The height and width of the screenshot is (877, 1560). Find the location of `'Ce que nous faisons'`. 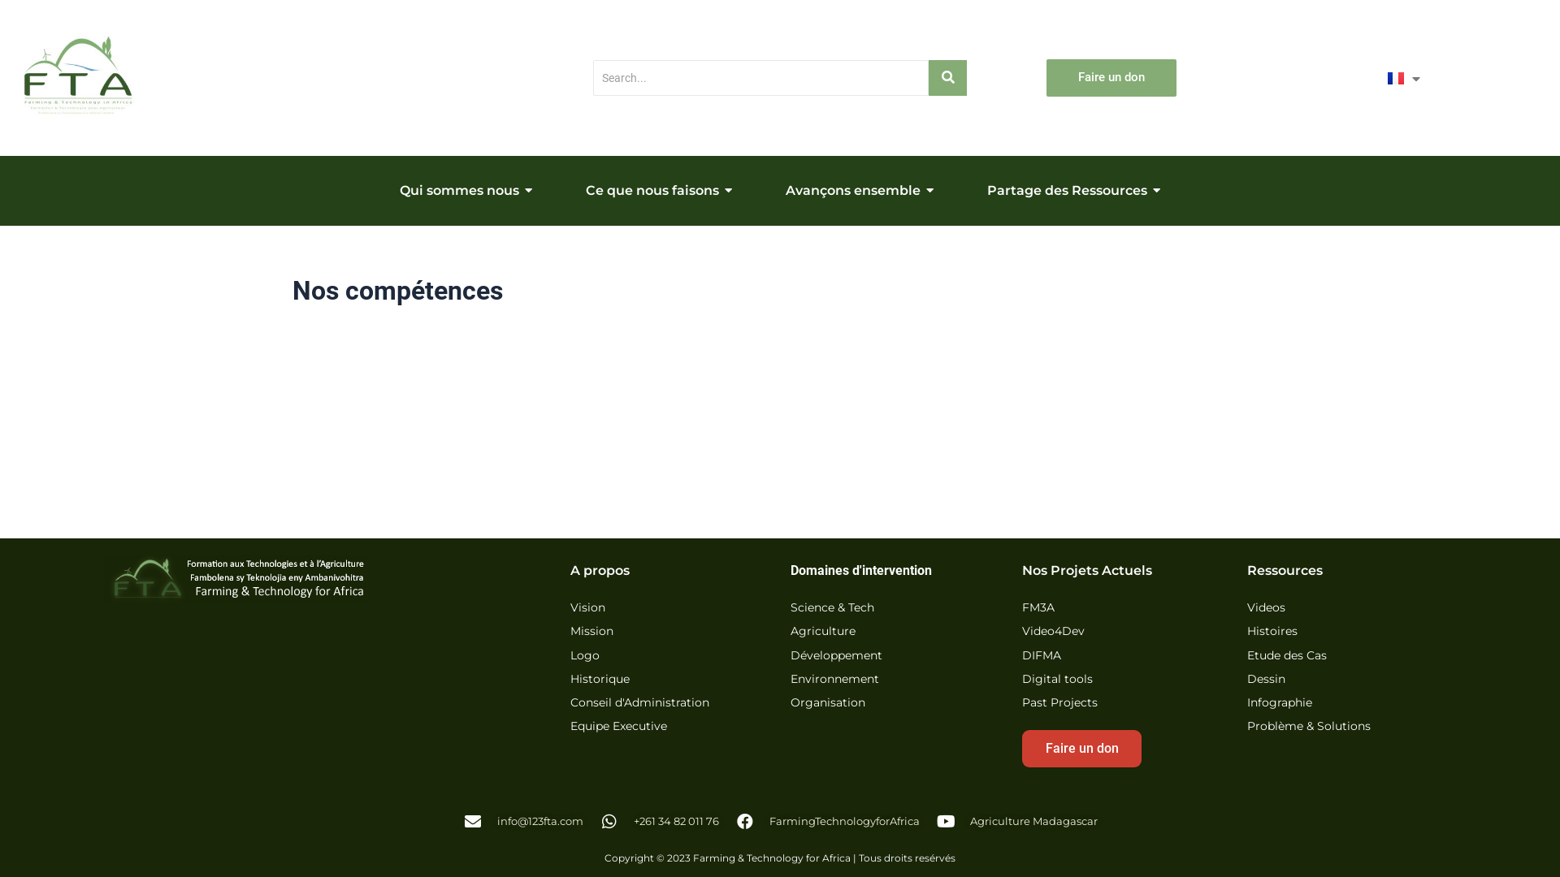

'Ce que nous faisons' is located at coordinates (659, 190).